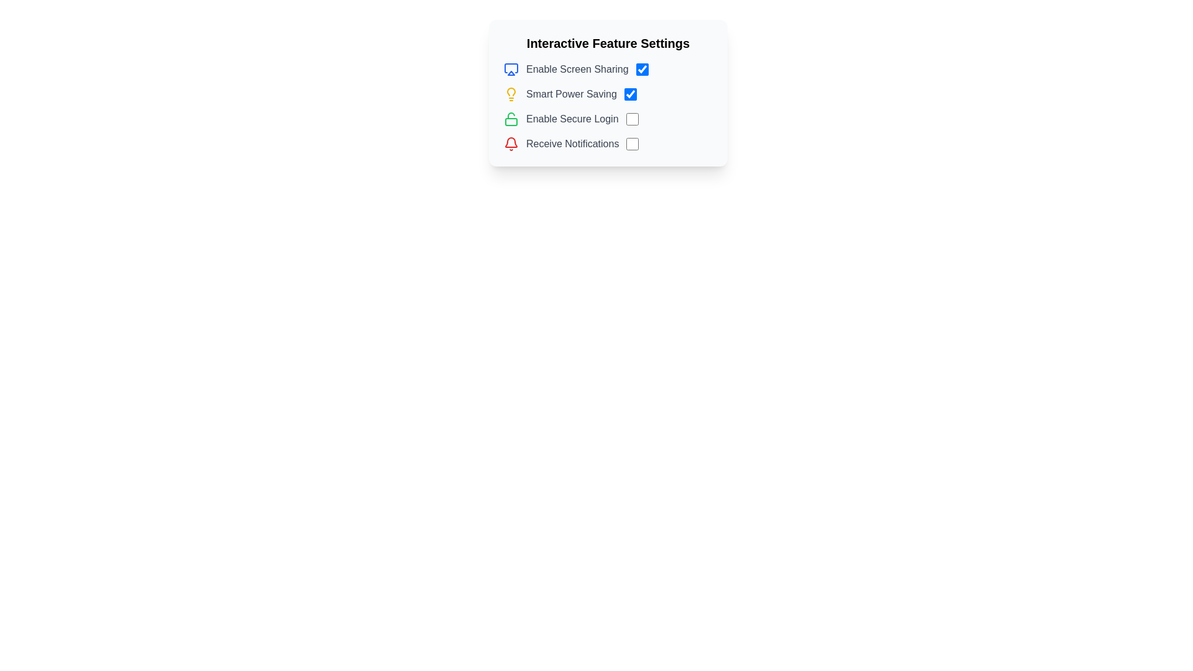 The height and width of the screenshot is (671, 1193). What do you see at coordinates (511, 119) in the screenshot?
I see `the unlocked state icon for the 'Enable Secure Login' setting, which is aligned with other icons in the interactive feature settings section` at bounding box center [511, 119].